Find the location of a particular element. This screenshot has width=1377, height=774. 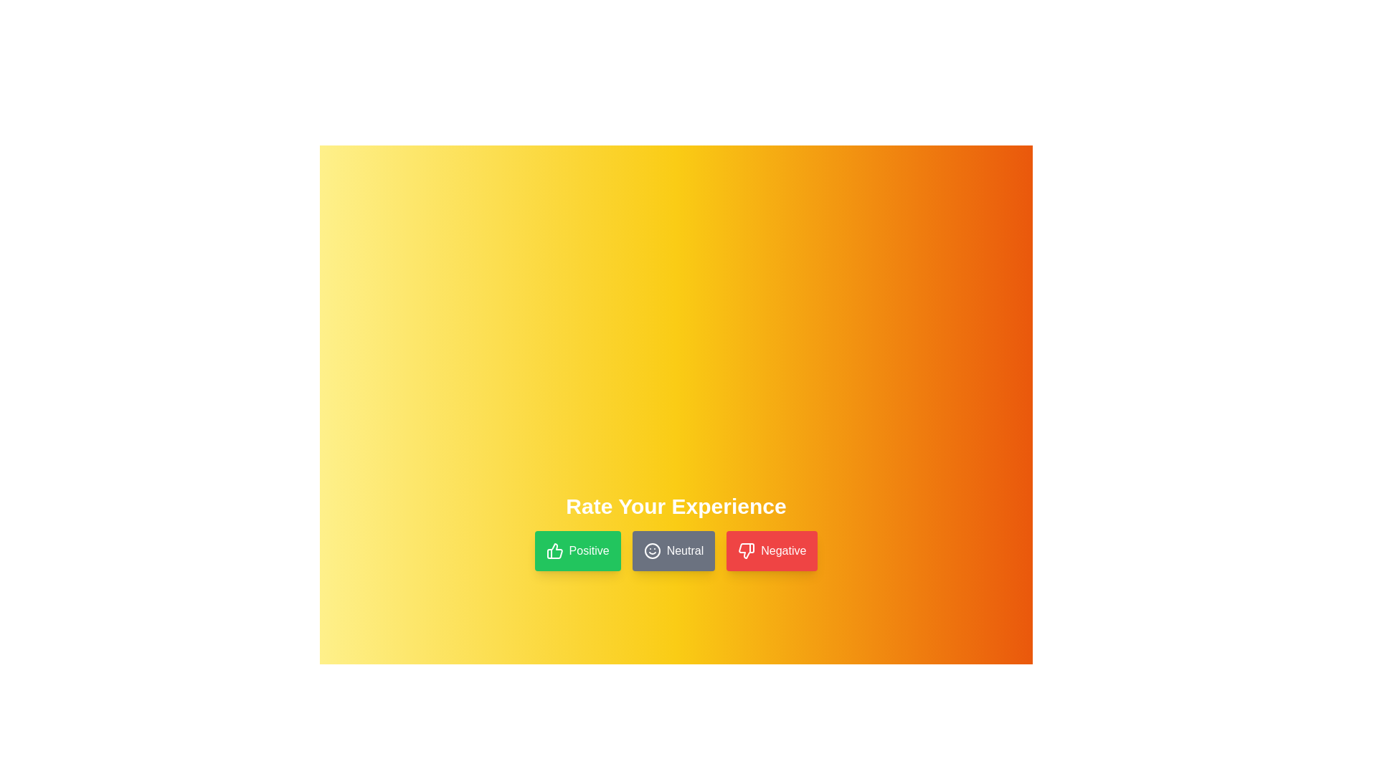

the header text labeled 'Rate Your Experience', which is a bold, white, large-sized text displayed against a vibrant gradient background is located at coordinates (675, 505).